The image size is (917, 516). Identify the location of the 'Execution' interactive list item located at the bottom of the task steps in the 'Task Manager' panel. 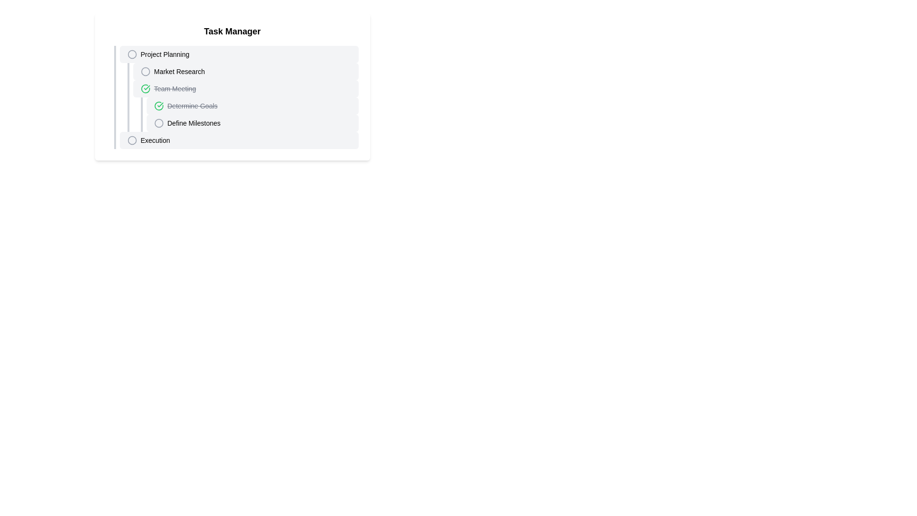
(236, 140).